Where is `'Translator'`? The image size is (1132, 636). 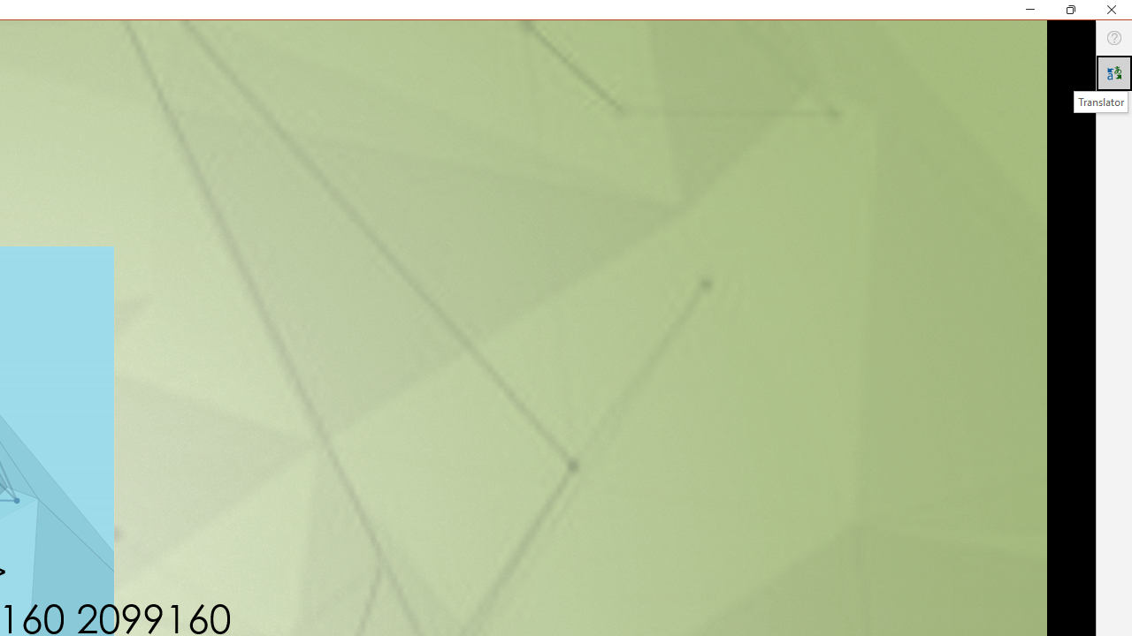 'Translator' is located at coordinates (1113, 72).